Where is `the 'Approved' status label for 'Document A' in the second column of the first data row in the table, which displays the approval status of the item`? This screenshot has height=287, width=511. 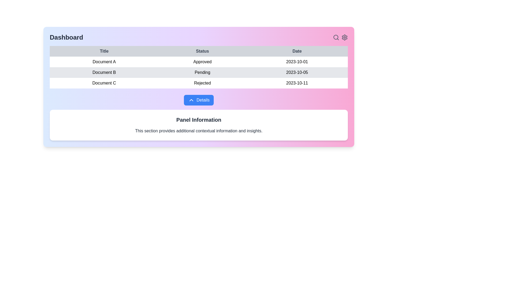 the 'Approved' status label for 'Document A' in the second column of the first data row in the table, which displays the approval status of the item is located at coordinates (202, 61).